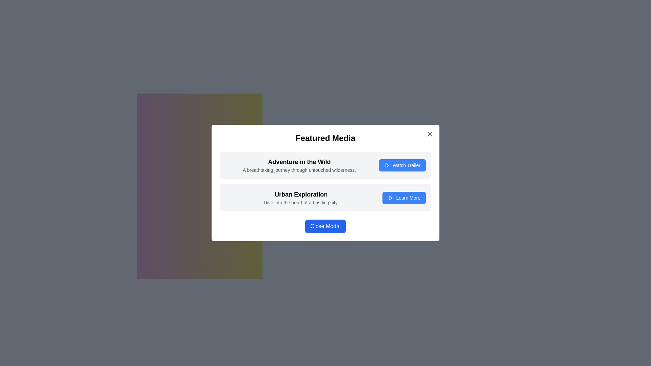 This screenshot has height=366, width=651. I want to click on the close button located in the top-right corner of the modal dialog, so click(429, 134).